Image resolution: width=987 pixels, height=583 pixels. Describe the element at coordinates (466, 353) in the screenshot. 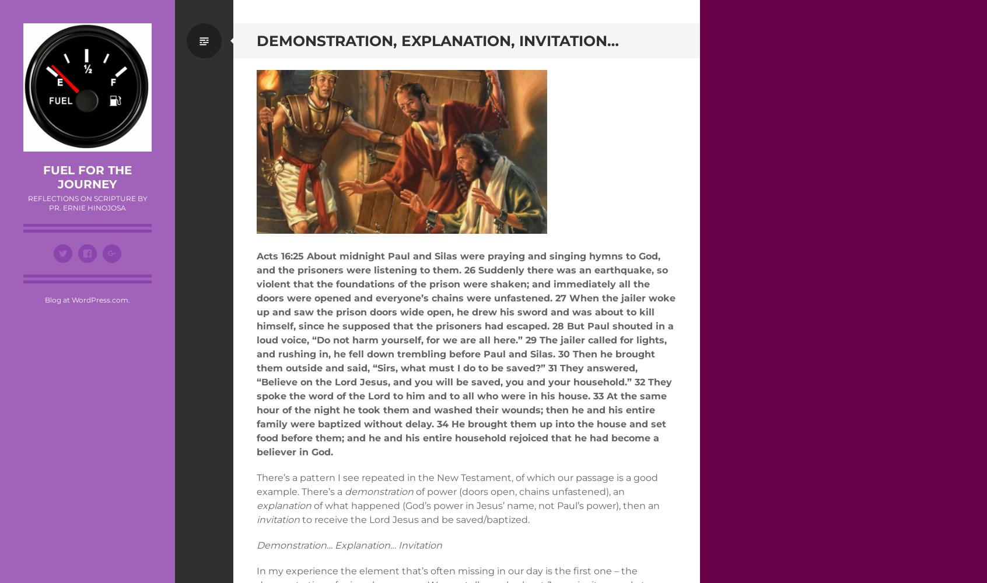

I see `'Acts 16:25 About midnight Paul and Silas were praying and singing hymns to God, and the prisoners were listening to them. 26 Suddenly there was an earthquake, so violent that the foundations of the prison were shaken; and immediately all the doors were opened and everyone’s chains were unfastened. 27 When the jailer woke up and saw the prison doors wide open, he drew his sword and was about to kill himself, since he supposed that the prisoners had escaped. 28 But Paul shouted in a loud voice, “Do not harm yourself, for we are all here.” 29 The jailer called for lights, and rushing in, he fell down trembling before Paul and Silas. 30 Then he brought them outside and said, “Sirs, what must I do to be saved?” 31 They answered, “Believe on the Lord Jesus, and you will be saved, you and your household.” 32 They spoke the word of the Lord to him and to all who were in his house. 33 At the same hour of the night he took them and washed their wounds; then he and his entire family were baptized without delay. 34 He brought them up into the house and set food before them; and he and his entire household rejoiced that he had become a believer in God.'` at that location.